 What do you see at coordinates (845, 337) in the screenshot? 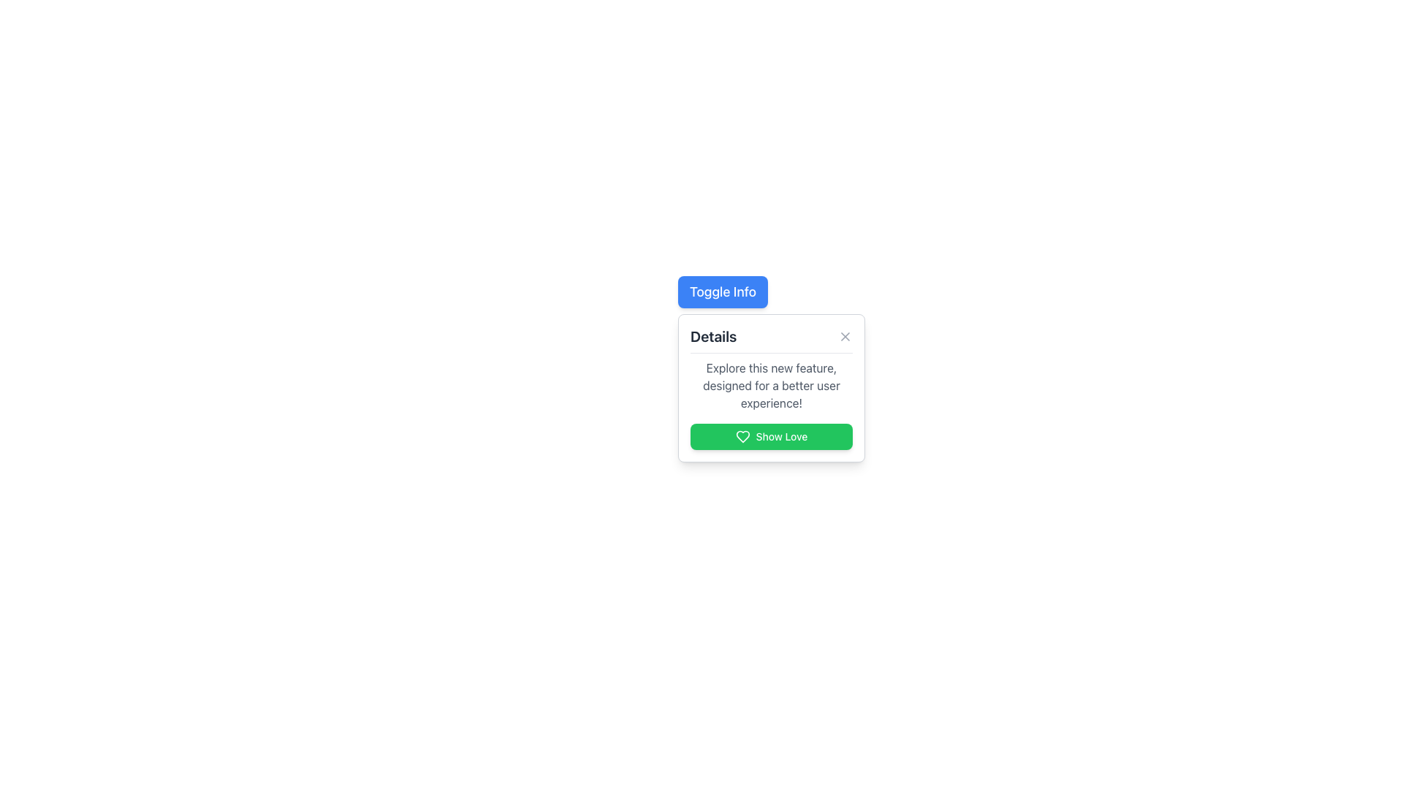
I see `the small square button with an 'X' icon located at the top-right corner of the 'Details' section to trigger the hover styling changes` at bounding box center [845, 337].